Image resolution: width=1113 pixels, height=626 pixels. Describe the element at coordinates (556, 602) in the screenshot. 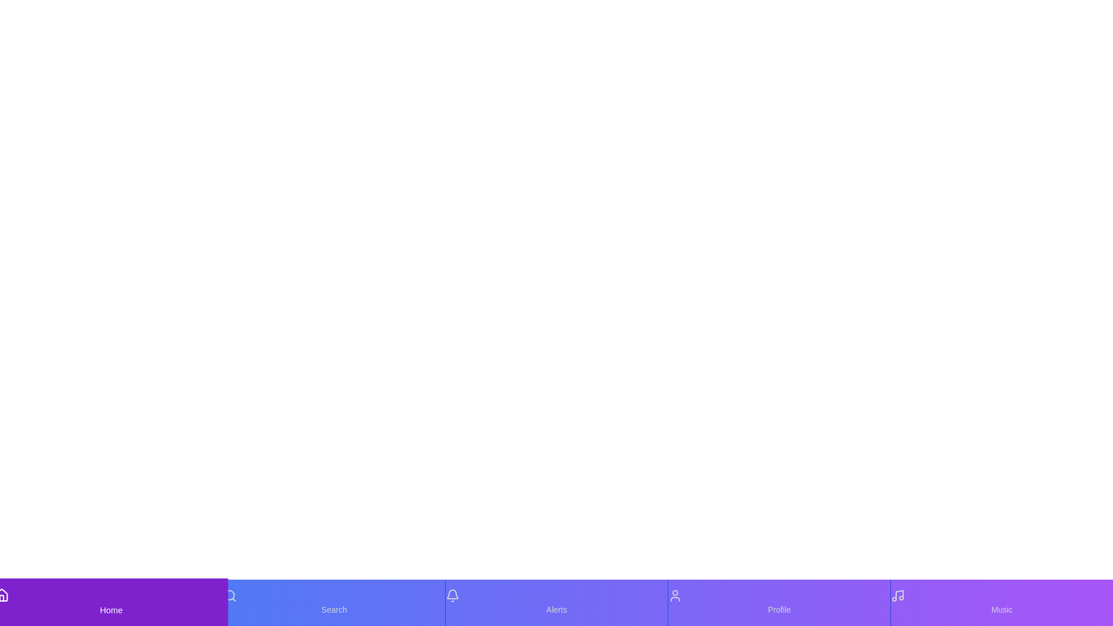

I see `the Alerts tab in the bottom navigation bar` at that location.